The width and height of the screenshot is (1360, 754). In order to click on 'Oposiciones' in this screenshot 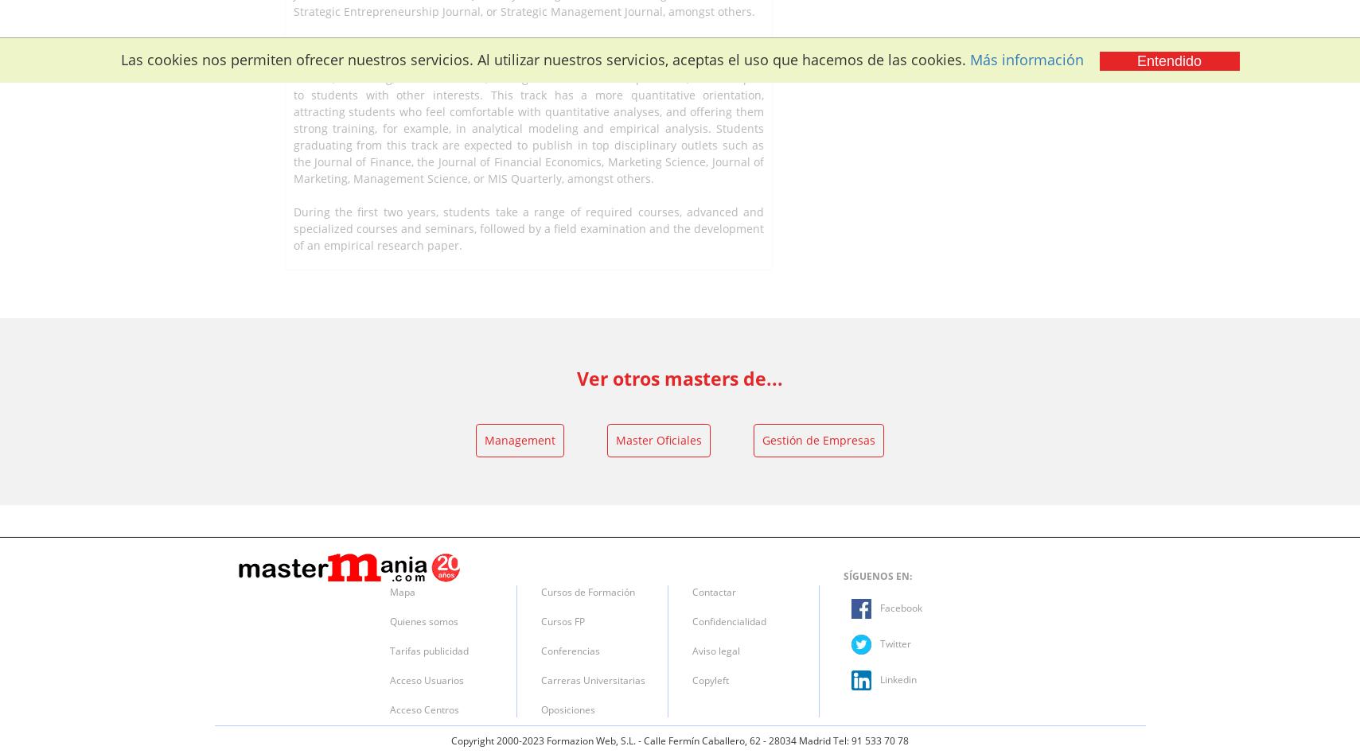, I will do `click(566, 709)`.